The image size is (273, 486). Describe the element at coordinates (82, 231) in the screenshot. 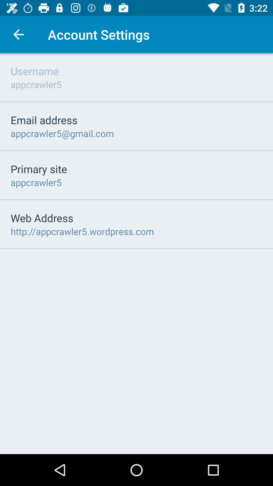

I see `http appcrawler5 wordpress icon` at that location.